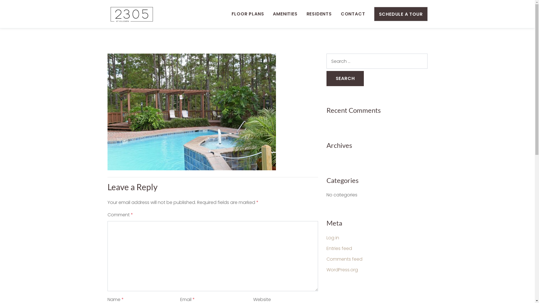 The height and width of the screenshot is (303, 539). Describe the element at coordinates (339, 248) in the screenshot. I see `'Entries feed'` at that location.